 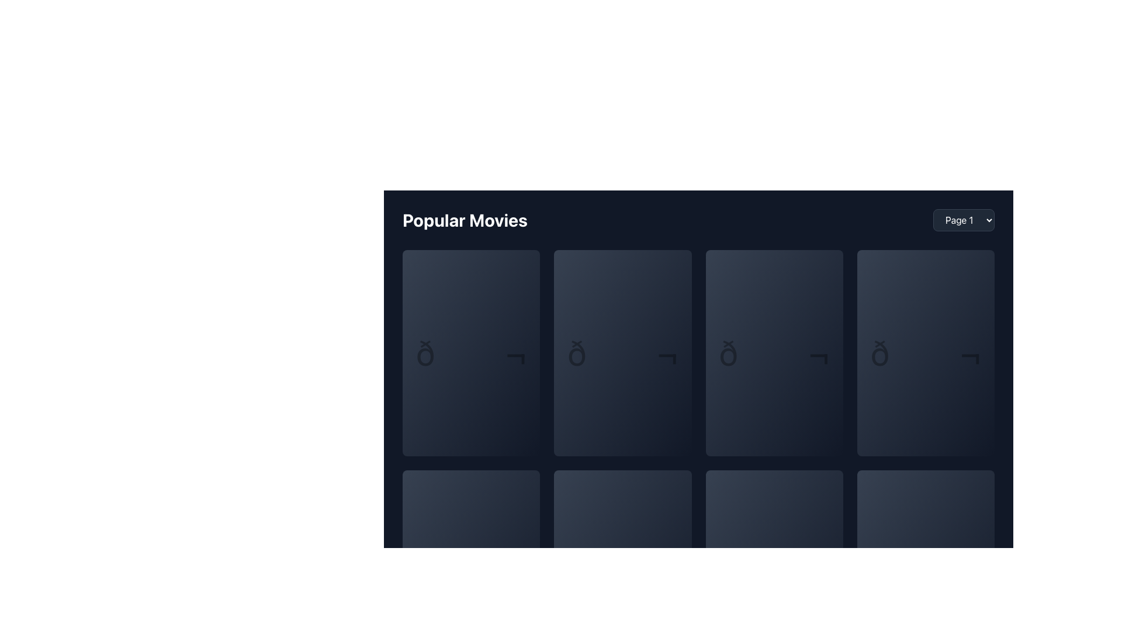 I want to click on the card representing an item in a list or gallery located in the first row, third column of a grid layout, so click(x=774, y=352).